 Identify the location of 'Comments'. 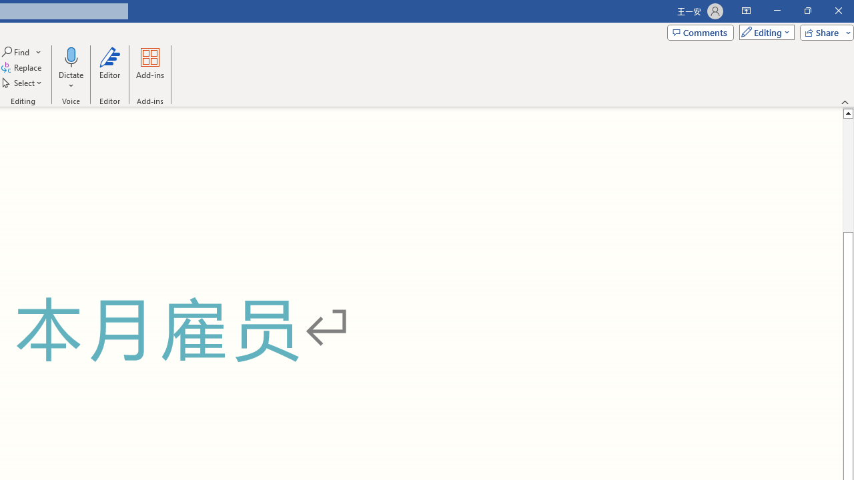
(699, 31).